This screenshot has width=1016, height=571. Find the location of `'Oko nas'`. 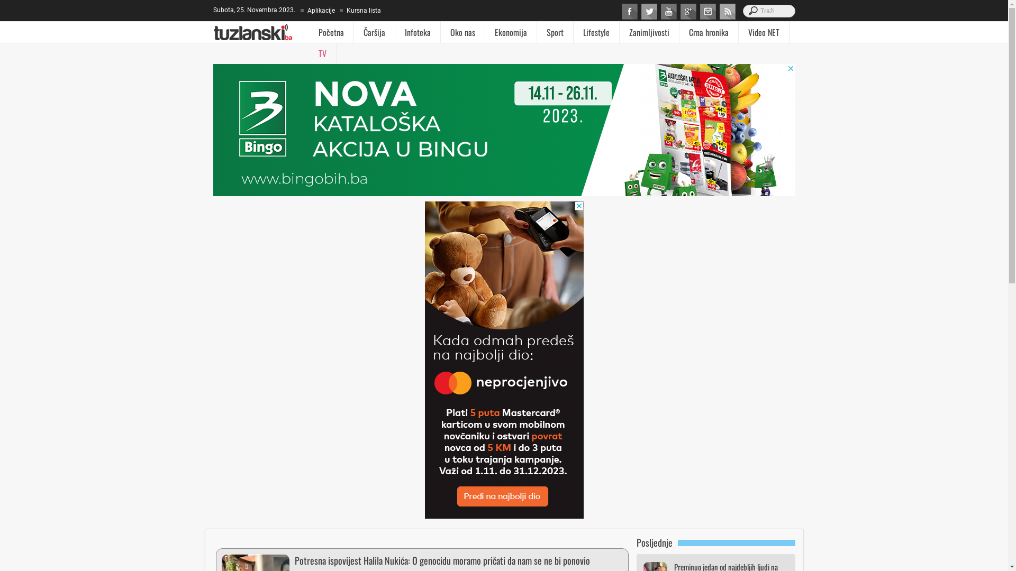

'Oko nas' is located at coordinates (462, 32).